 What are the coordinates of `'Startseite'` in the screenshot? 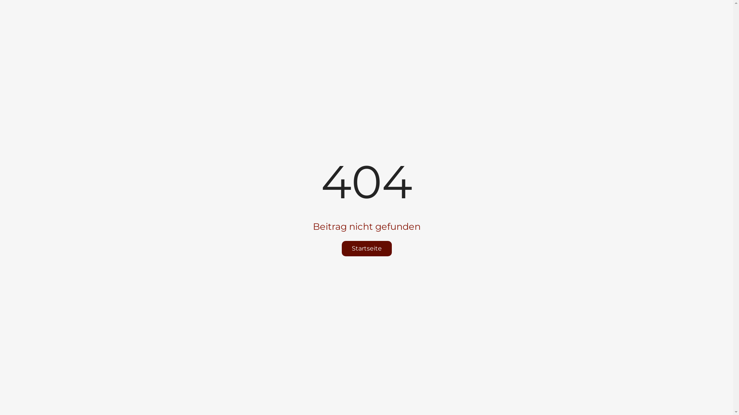 It's located at (366, 249).